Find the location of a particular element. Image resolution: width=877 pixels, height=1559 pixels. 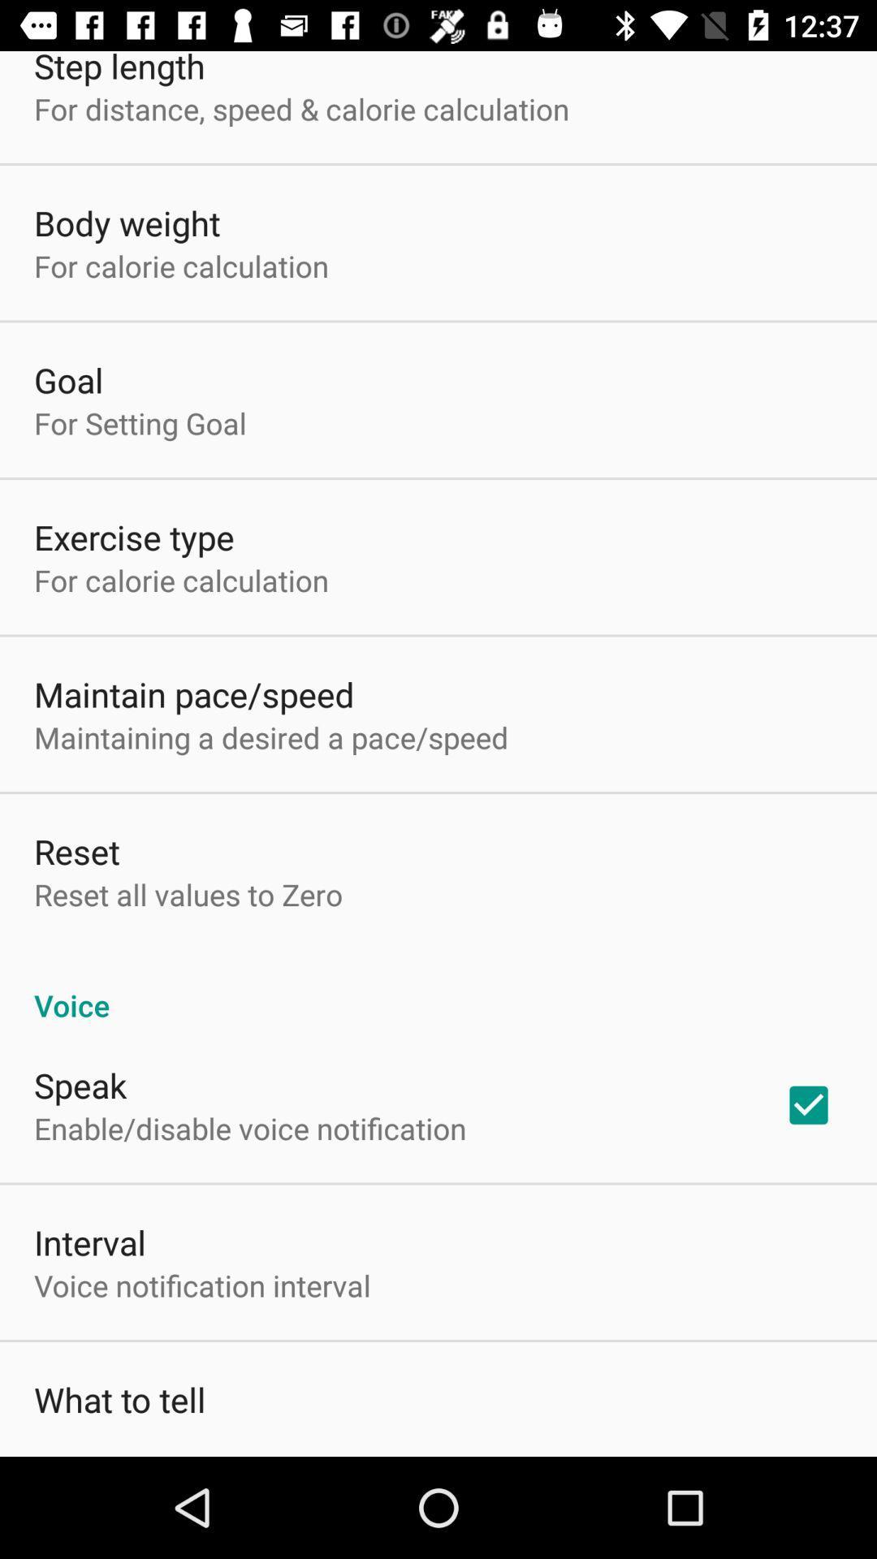

reset all values is located at coordinates (188, 893).